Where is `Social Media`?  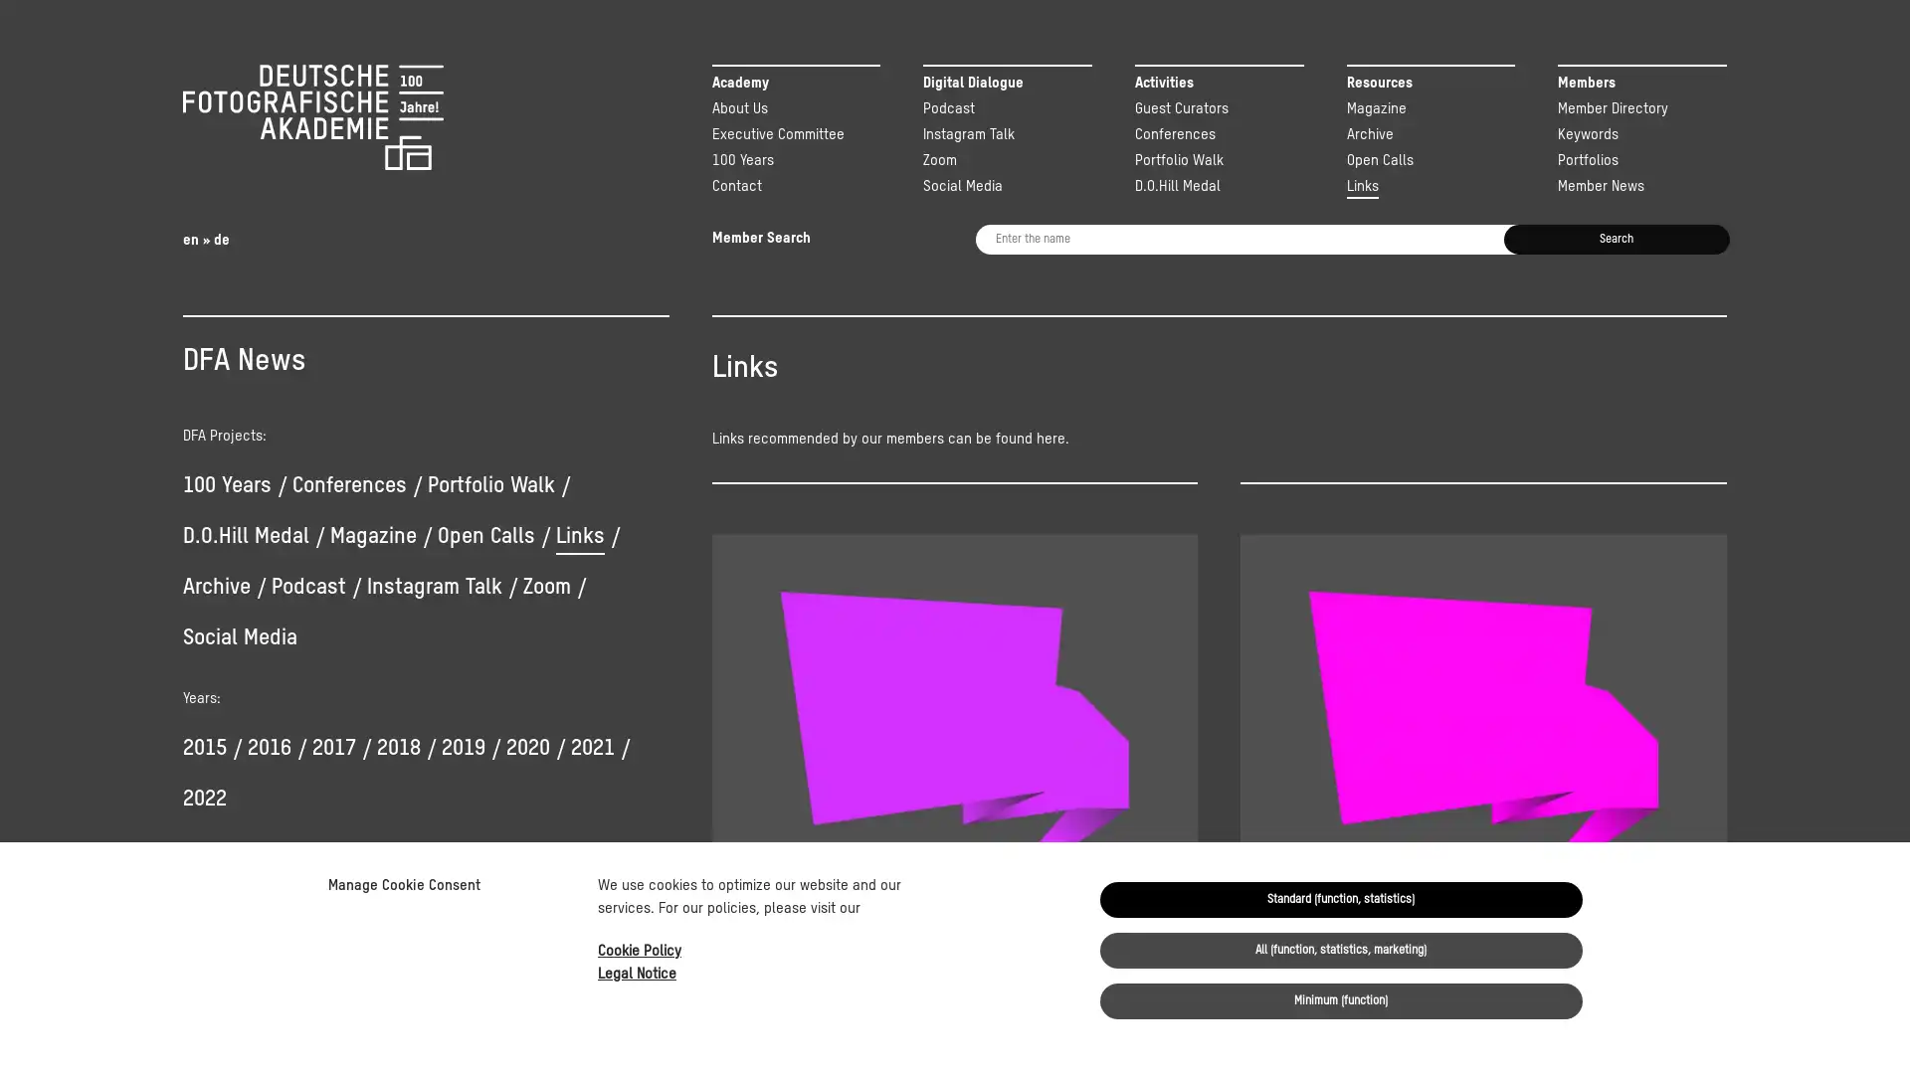
Social Media is located at coordinates (239, 637).